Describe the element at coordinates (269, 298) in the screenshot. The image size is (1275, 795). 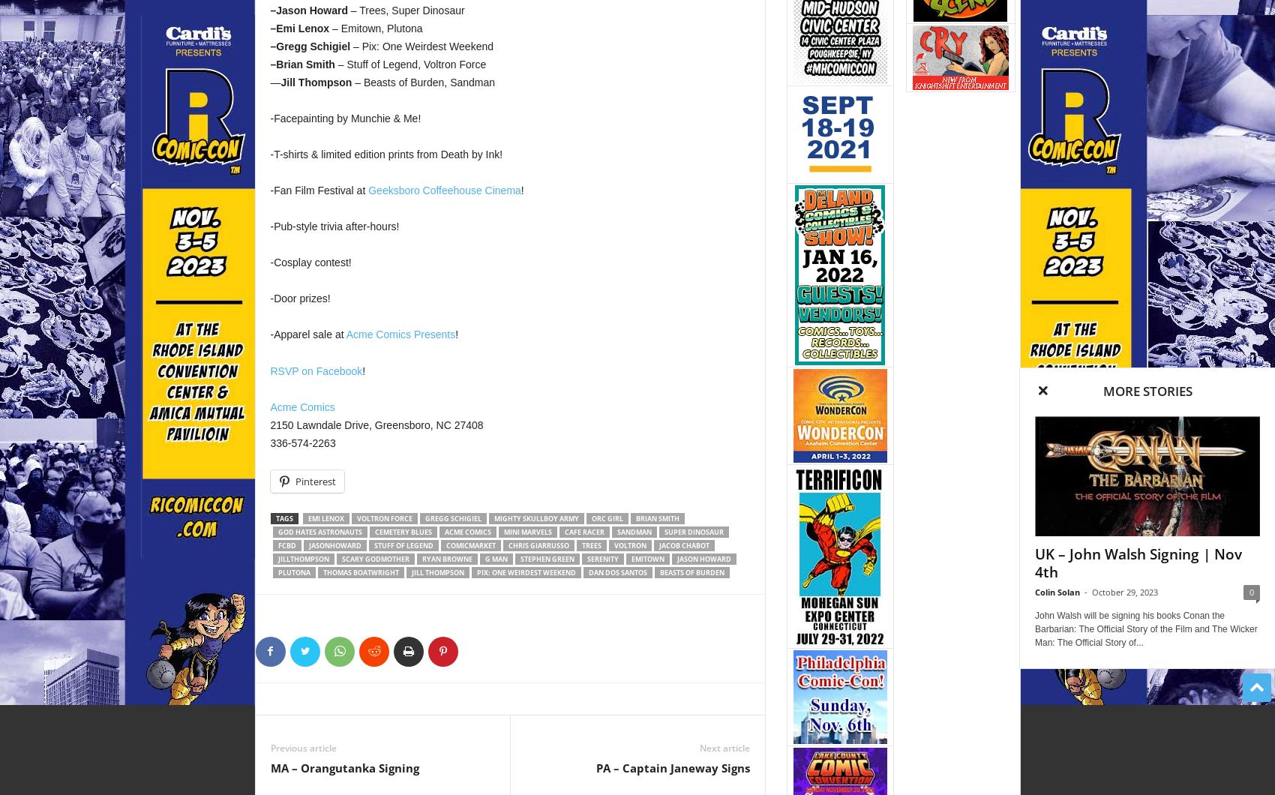
I see `'-Door prizes!'` at that location.